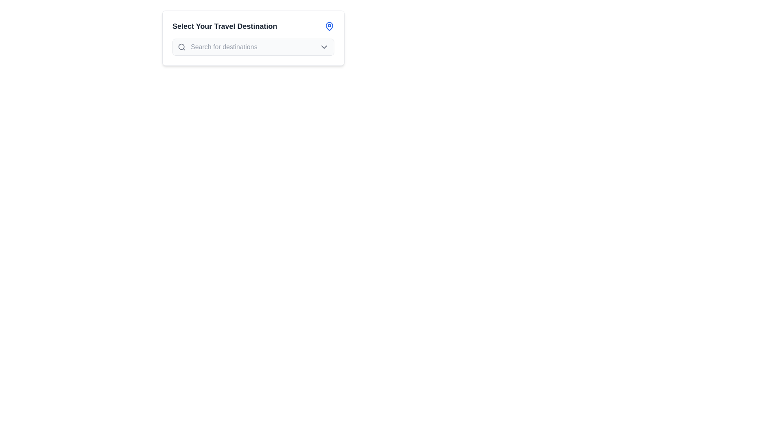 The height and width of the screenshot is (439, 781). I want to click on the search icon, which visually represents the concept of 'search' and is located to the left of the 'Search for destinations' text placeholder, so click(181, 47).